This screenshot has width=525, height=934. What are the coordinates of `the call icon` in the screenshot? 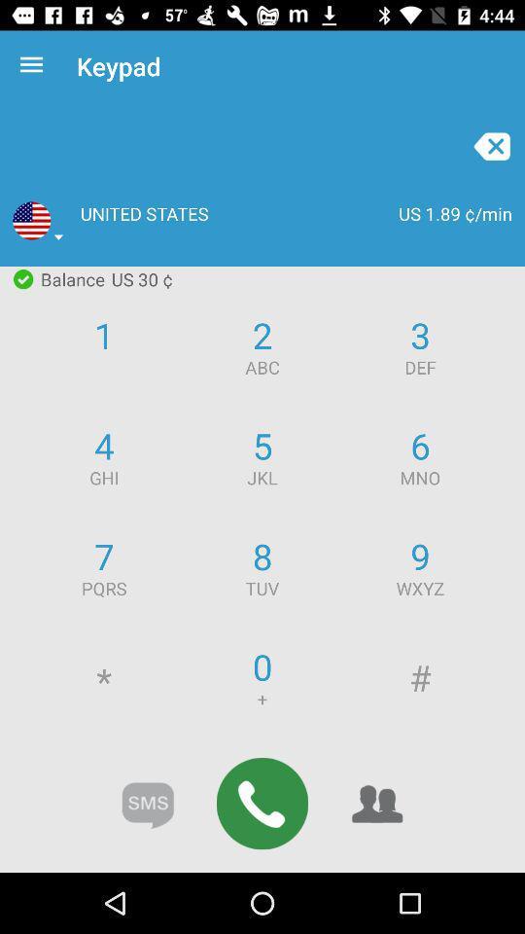 It's located at (262, 804).